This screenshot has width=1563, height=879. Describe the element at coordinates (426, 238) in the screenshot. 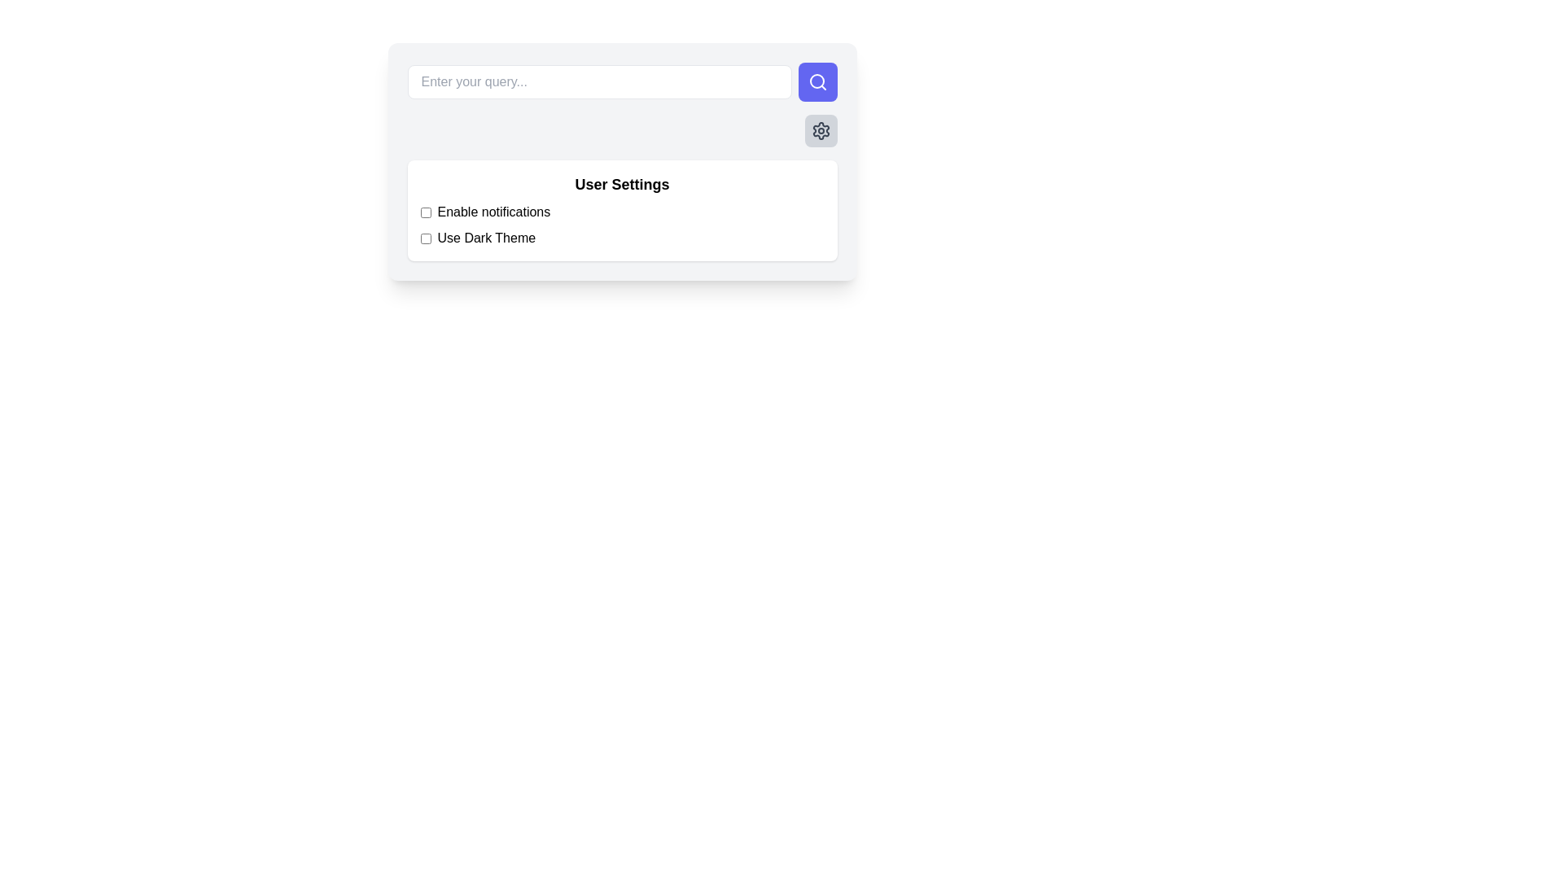

I see `the checkbox styled with a border next to the 'Use Dark Theme' text` at that location.